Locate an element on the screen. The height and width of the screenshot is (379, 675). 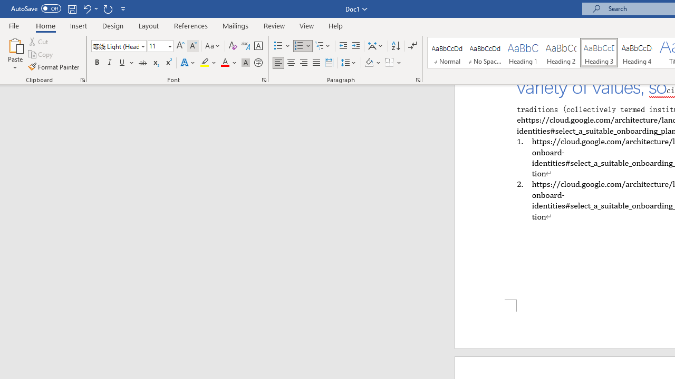
'Decrease Indent' is located at coordinates (343, 45).